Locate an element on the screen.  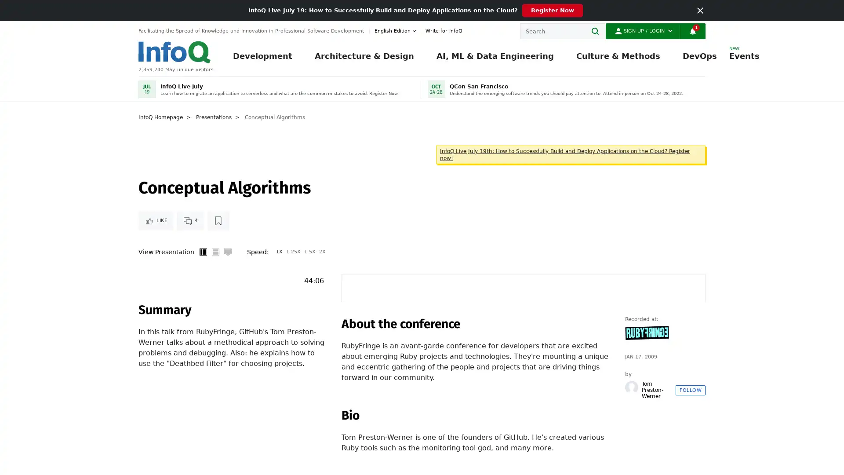
Follow is located at coordinates (690, 389).